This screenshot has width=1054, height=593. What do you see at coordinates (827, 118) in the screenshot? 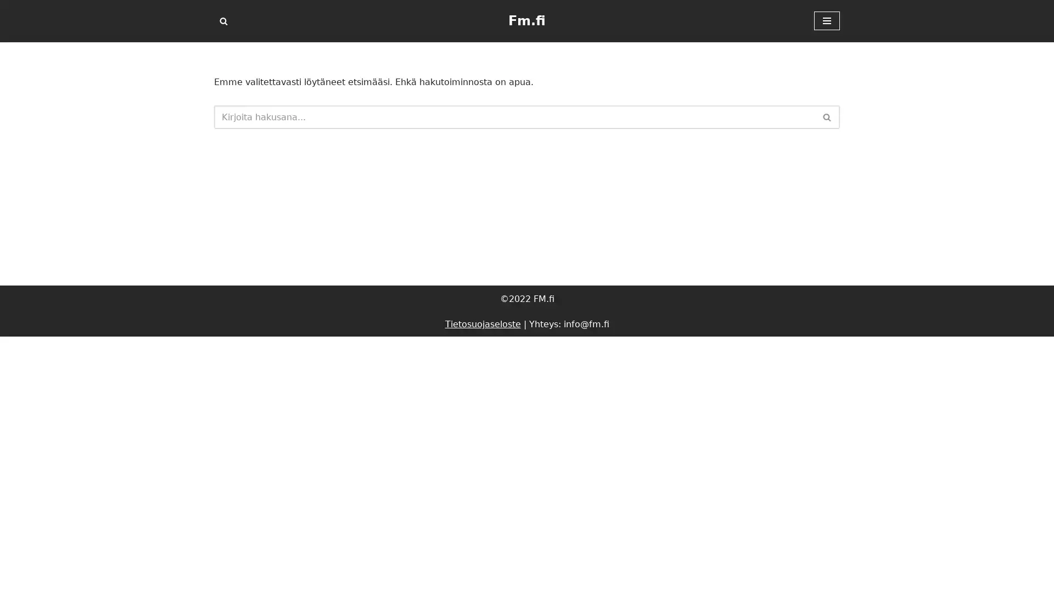
I see `Etsi` at bounding box center [827, 118].